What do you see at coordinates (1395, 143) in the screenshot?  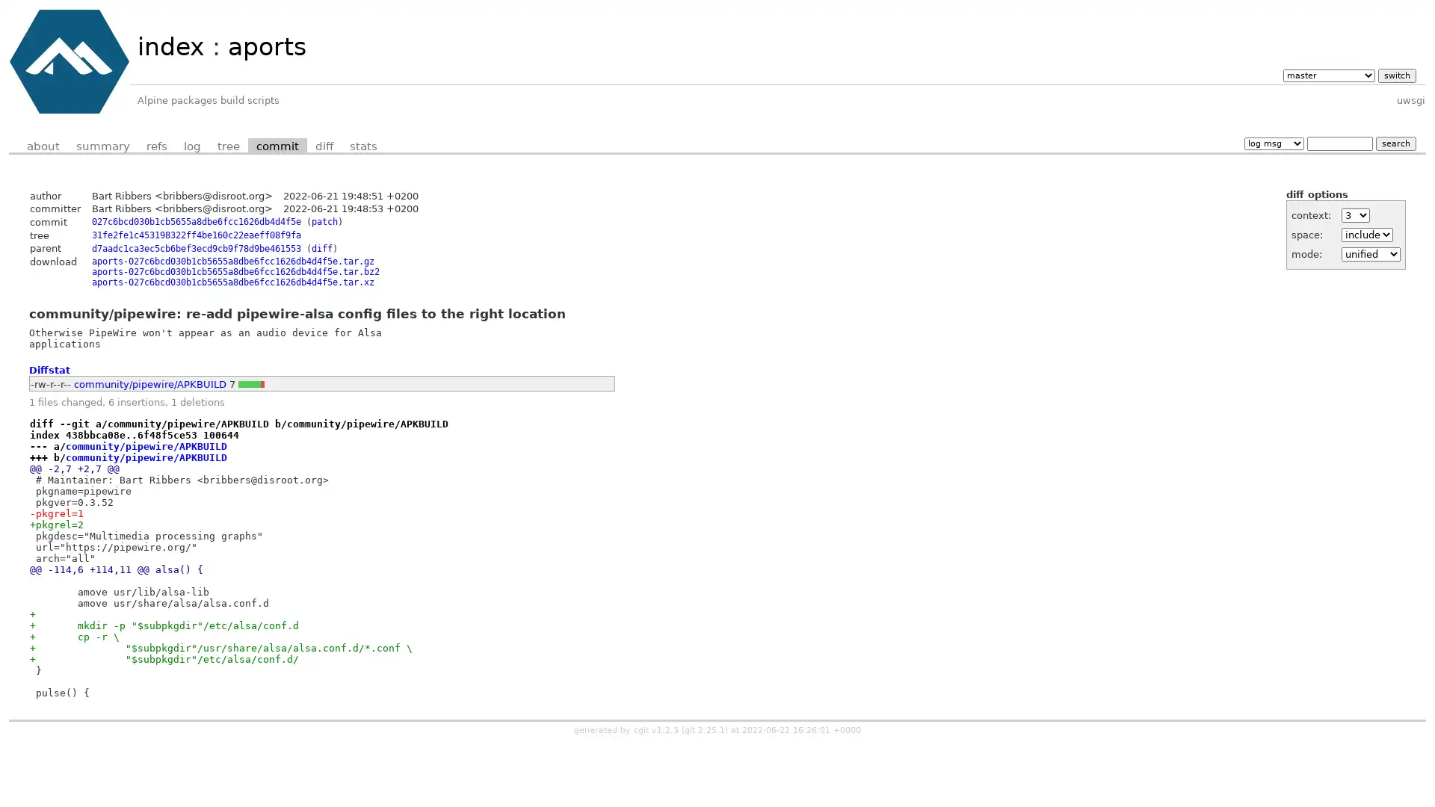 I see `search` at bounding box center [1395, 143].